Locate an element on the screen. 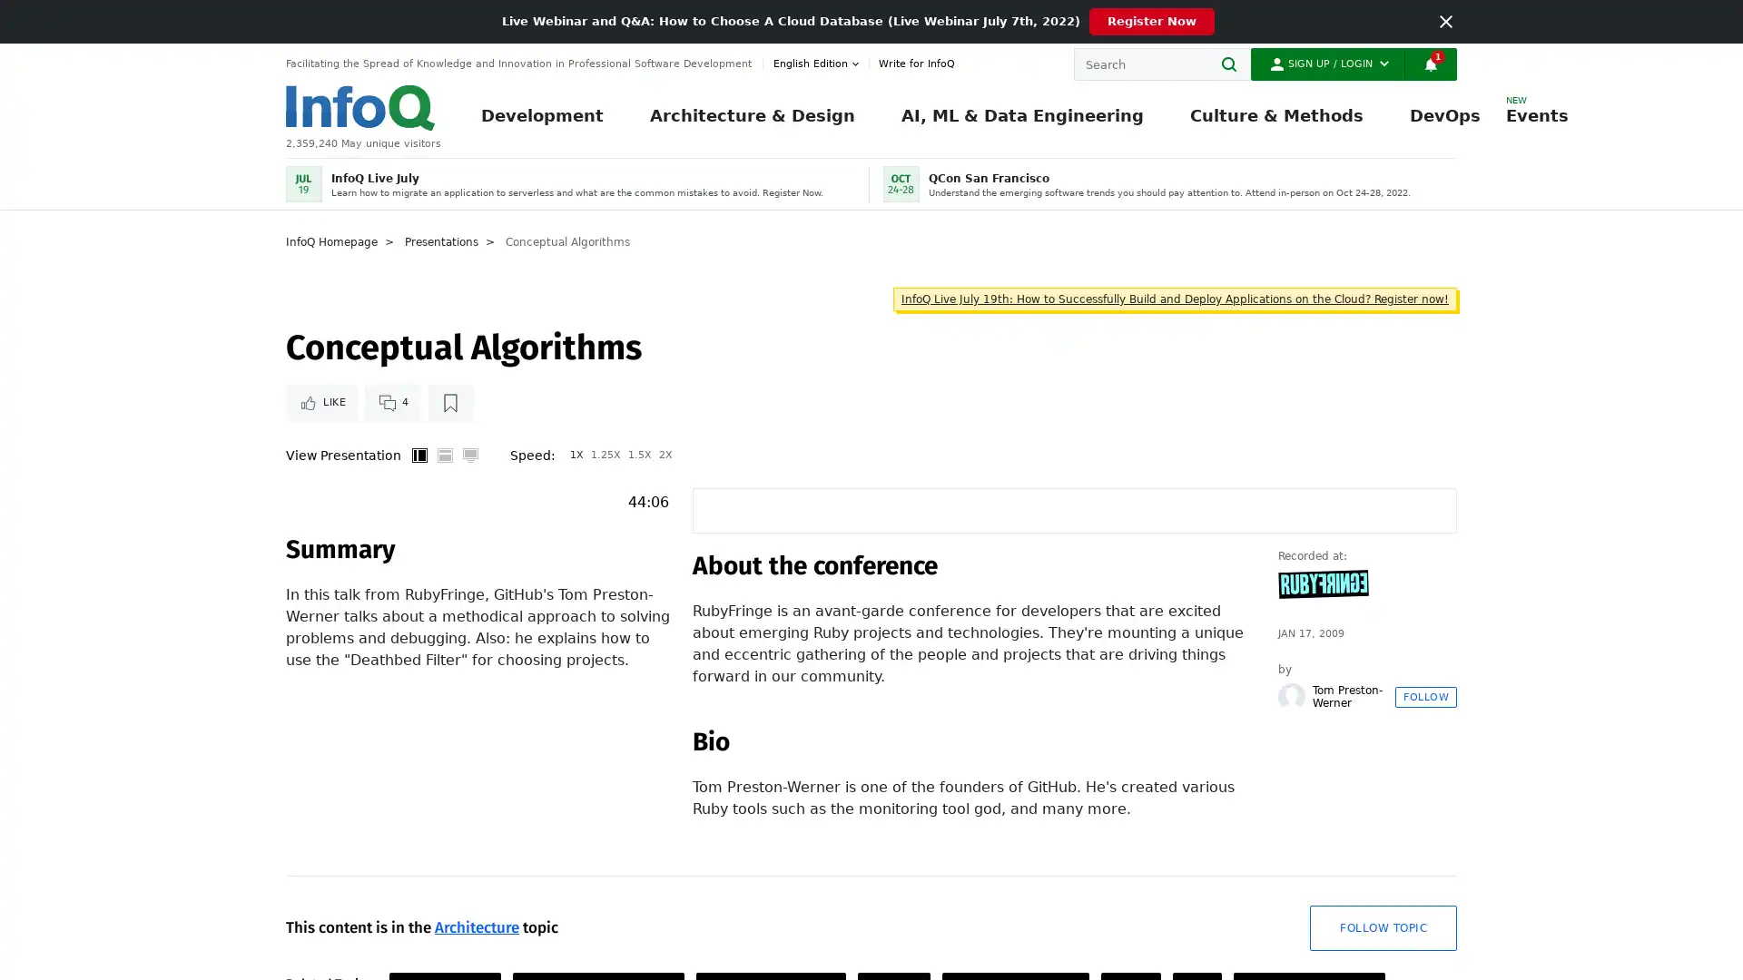  English edition is located at coordinates (818, 63).